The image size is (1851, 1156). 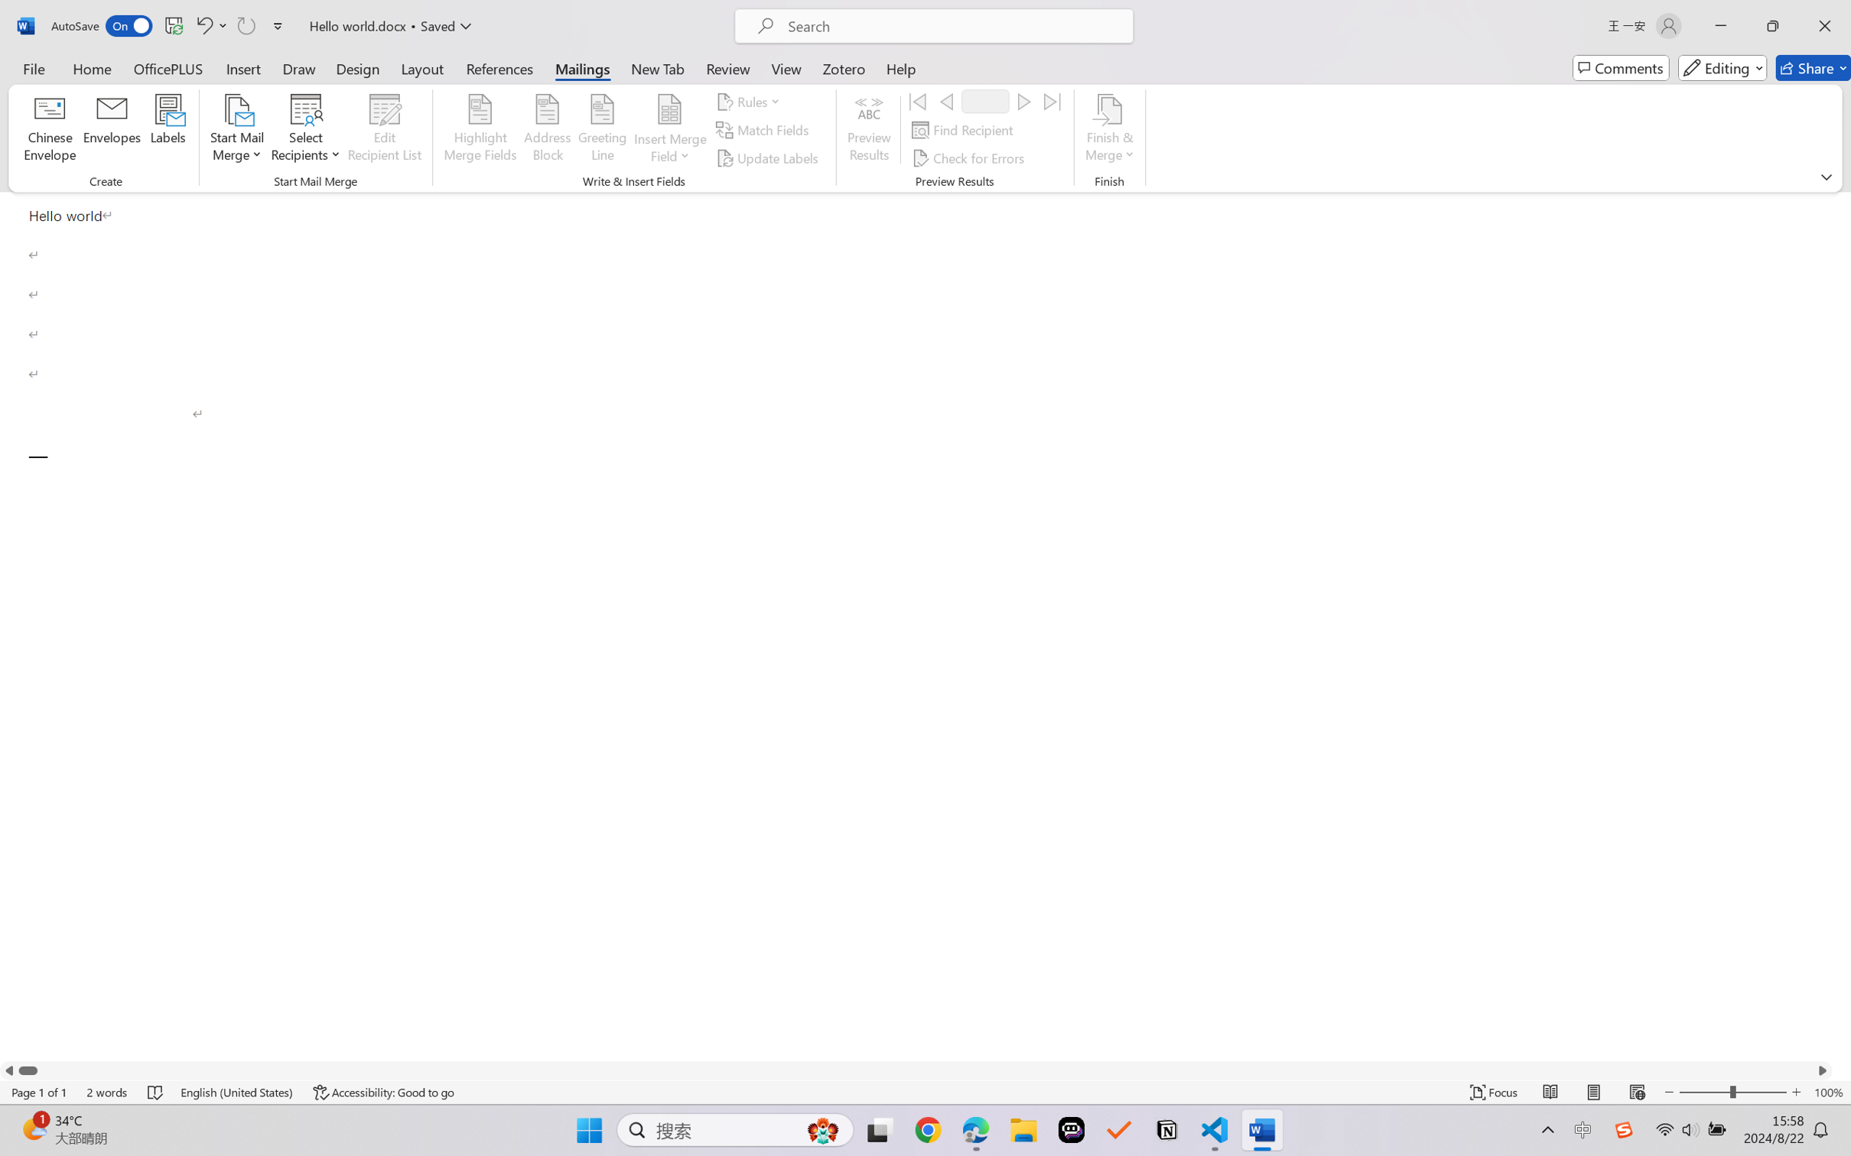 I want to click on 'Preview Results', so click(x=870, y=130).